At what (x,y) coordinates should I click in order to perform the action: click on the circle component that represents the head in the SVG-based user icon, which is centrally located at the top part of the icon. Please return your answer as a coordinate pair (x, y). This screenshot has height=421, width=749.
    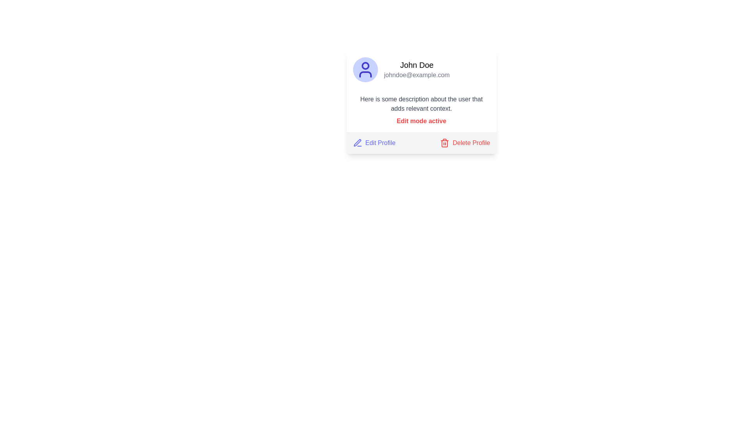
    Looking at the image, I should click on (365, 65).